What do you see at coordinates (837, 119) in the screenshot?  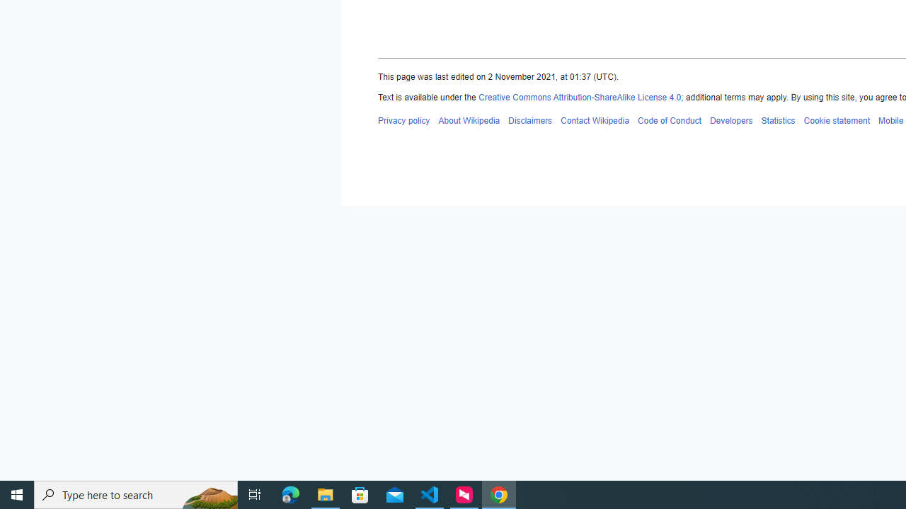 I see `'AutomationID: footer-places-cookiestatement'` at bounding box center [837, 119].